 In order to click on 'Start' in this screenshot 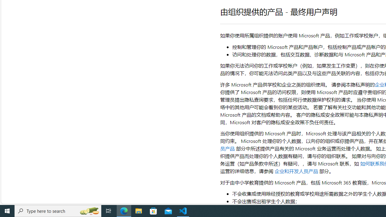, I will do `click(7, 210)`.